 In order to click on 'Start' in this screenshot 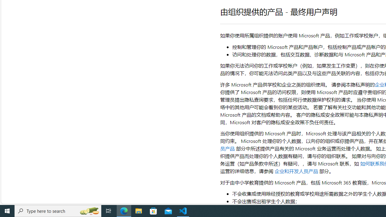, I will do `click(7, 210)`.